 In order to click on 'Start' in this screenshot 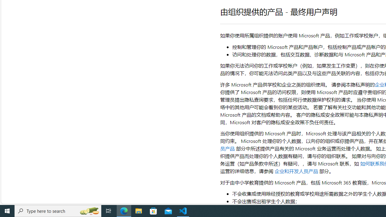, I will do `click(7, 210)`.